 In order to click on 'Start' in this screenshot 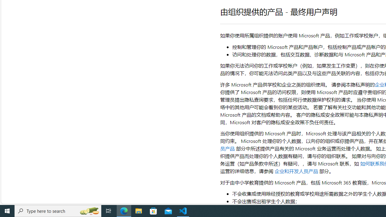, I will do `click(7, 210)`.